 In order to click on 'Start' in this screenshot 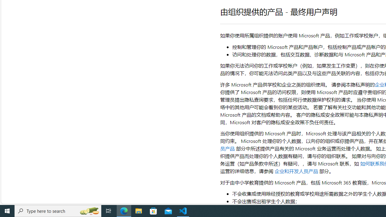, I will do `click(7, 210)`.